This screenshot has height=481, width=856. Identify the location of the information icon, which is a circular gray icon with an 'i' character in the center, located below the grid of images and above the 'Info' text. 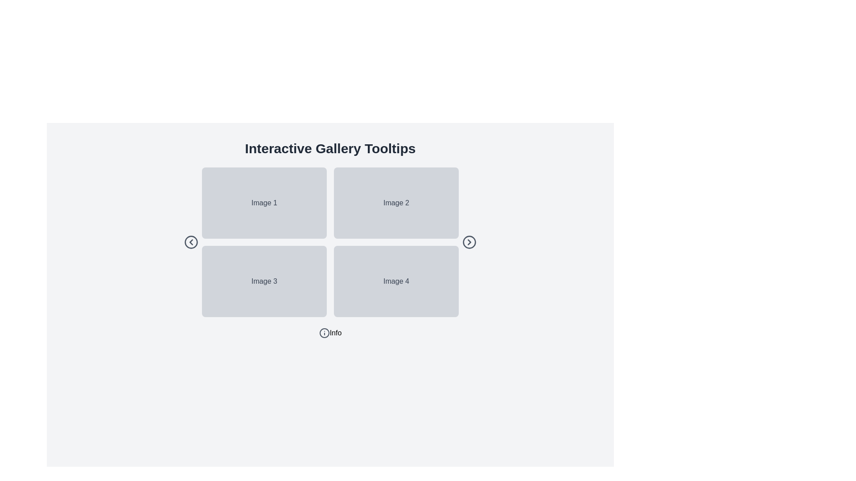
(324, 333).